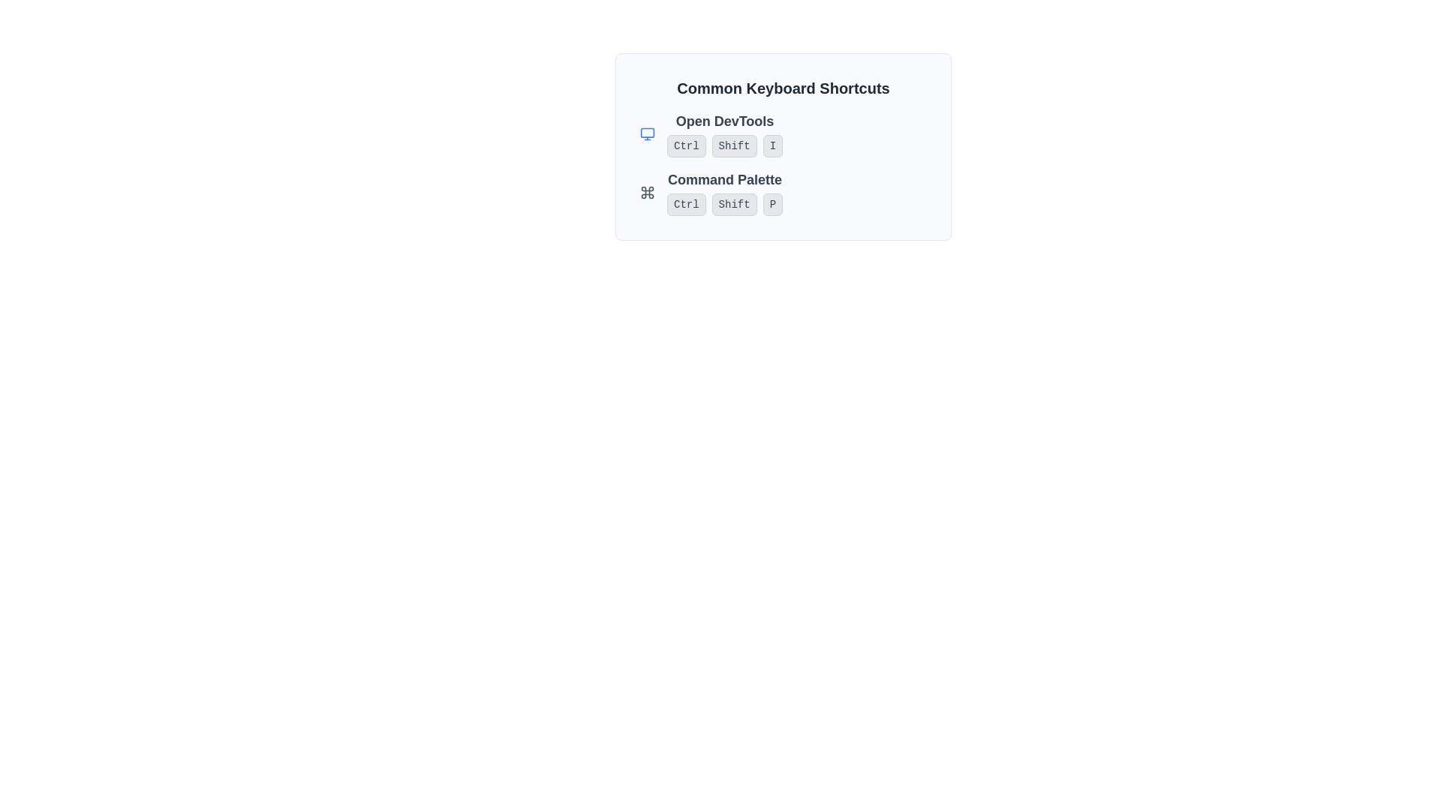 The width and height of the screenshot is (1441, 810). Describe the element at coordinates (734, 205) in the screenshot. I see `the 'Shift' key button in the 'Command Palette' keyboard shortcut group` at that location.